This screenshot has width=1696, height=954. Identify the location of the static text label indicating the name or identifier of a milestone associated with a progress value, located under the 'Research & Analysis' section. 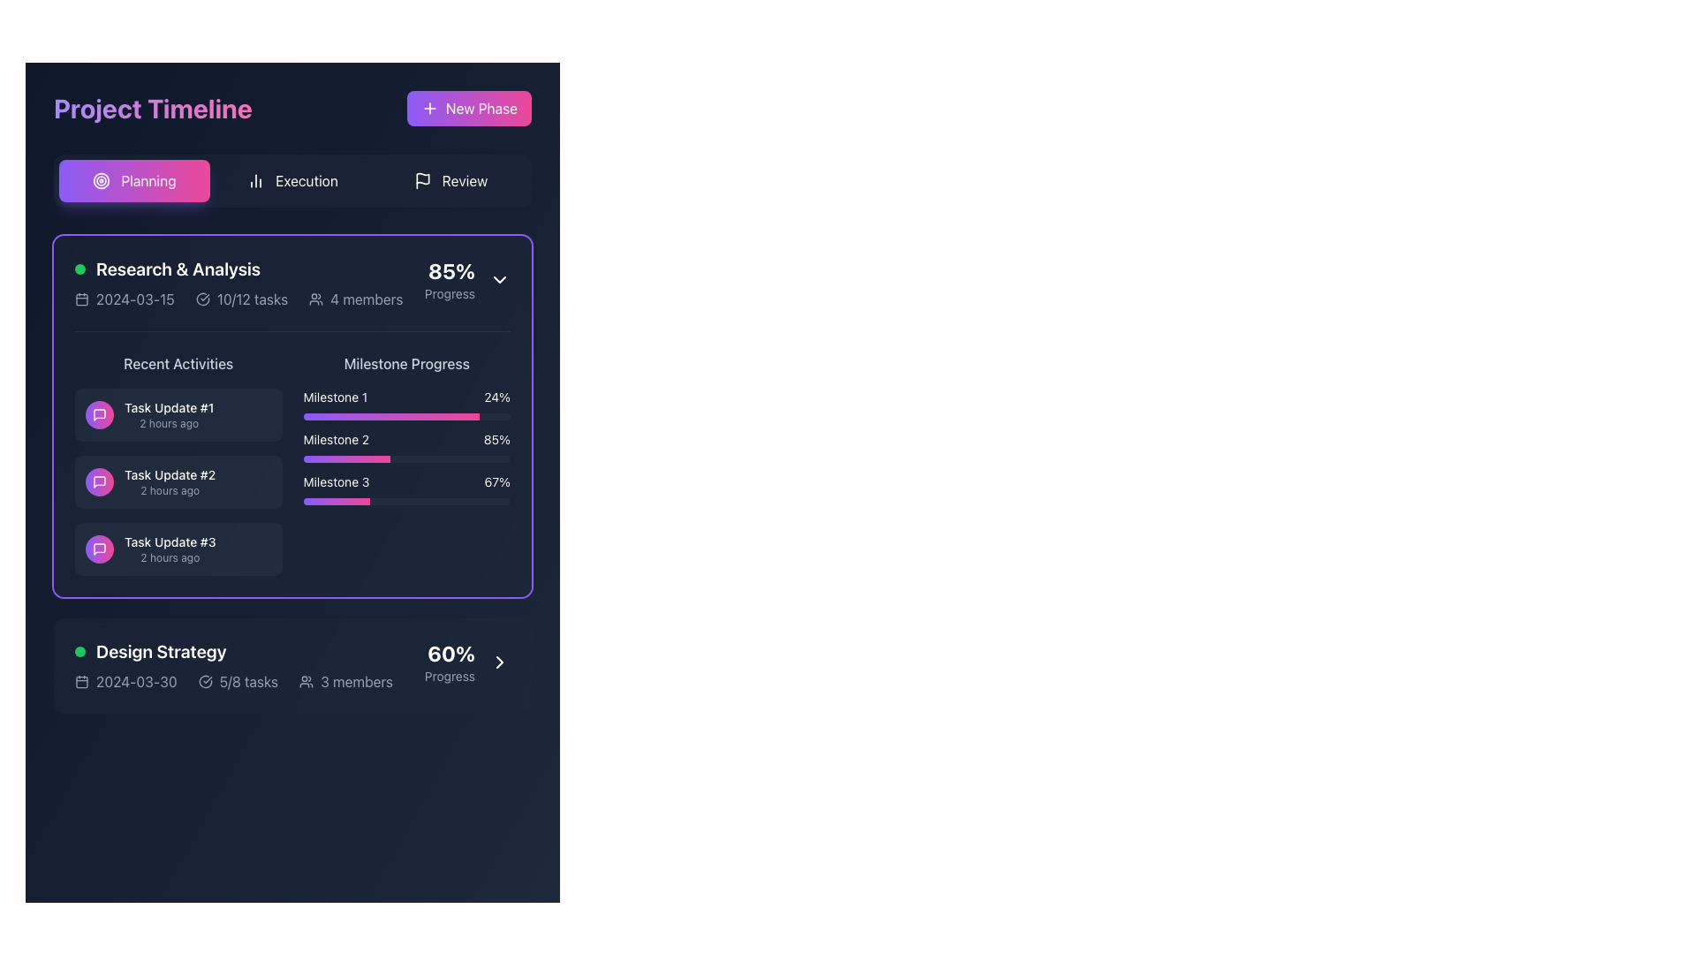
(336, 438).